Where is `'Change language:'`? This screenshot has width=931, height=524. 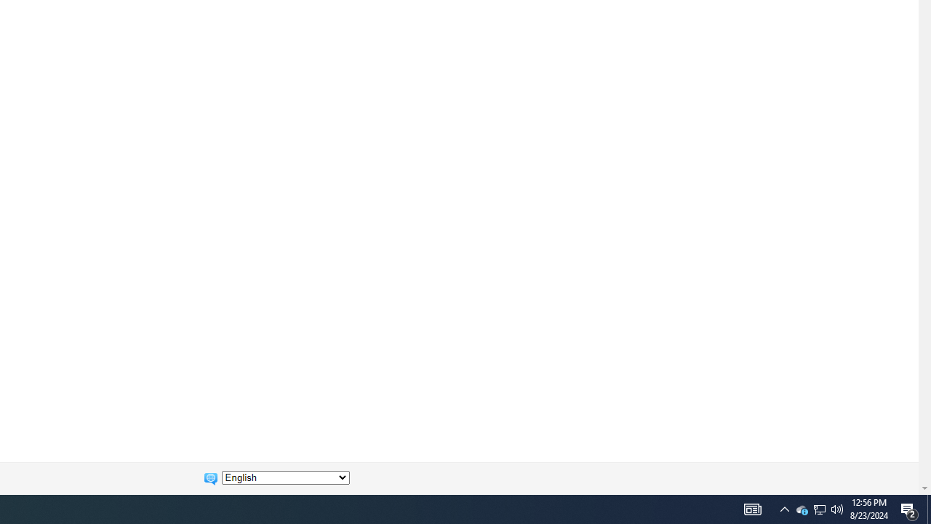 'Change language:' is located at coordinates (285, 477).